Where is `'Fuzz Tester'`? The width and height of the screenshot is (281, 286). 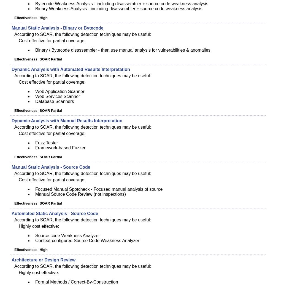 'Fuzz Tester' is located at coordinates (35, 143).